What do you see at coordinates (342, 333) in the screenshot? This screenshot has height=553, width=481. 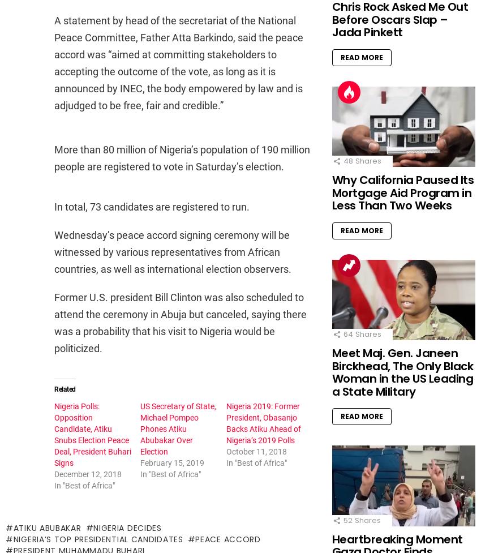 I see `'64'` at bounding box center [342, 333].